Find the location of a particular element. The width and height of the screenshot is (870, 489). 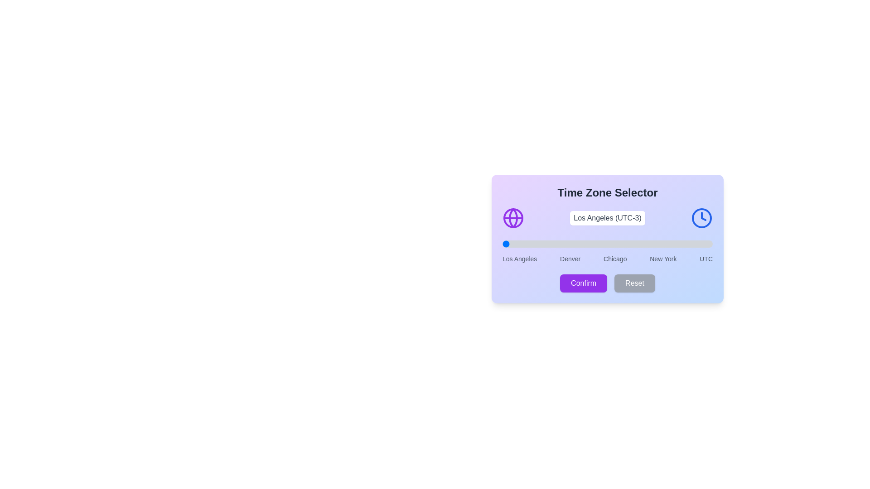

the time zone slider to 0 (0 for Los Angeles, 4 for UTC) is located at coordinates (502, 244).